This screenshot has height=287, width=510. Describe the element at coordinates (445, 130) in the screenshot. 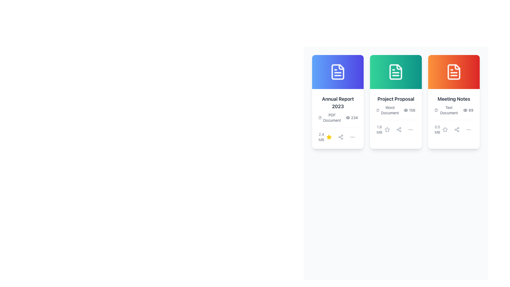

I see `the star icon in the third card representing the document titled 'Meeting Notes'` at that location.